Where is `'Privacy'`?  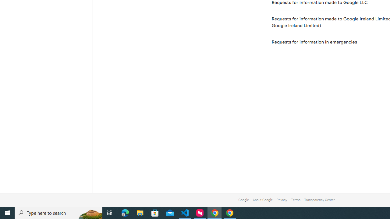 'Privacy' is located at coordinates (282, 200).